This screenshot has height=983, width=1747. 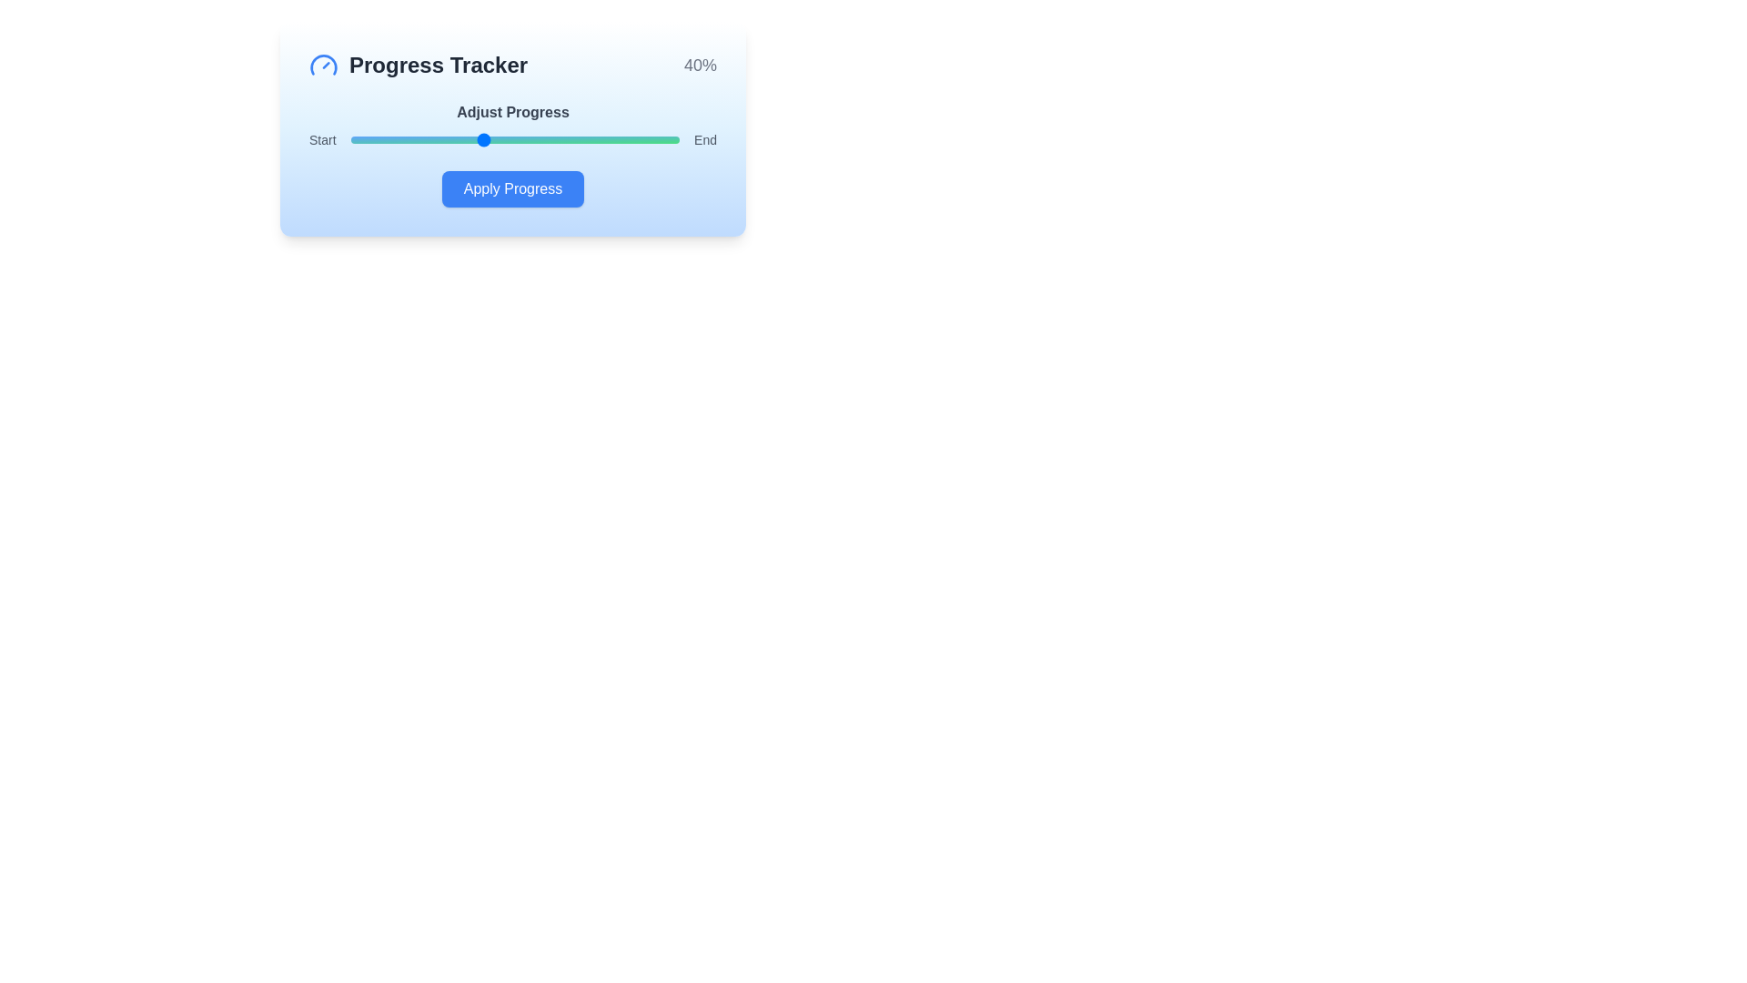 What do you see at coordinates (534, 139) in the screenshot?
I see `the progress slider to 56%` at bounding box center [534, 139].